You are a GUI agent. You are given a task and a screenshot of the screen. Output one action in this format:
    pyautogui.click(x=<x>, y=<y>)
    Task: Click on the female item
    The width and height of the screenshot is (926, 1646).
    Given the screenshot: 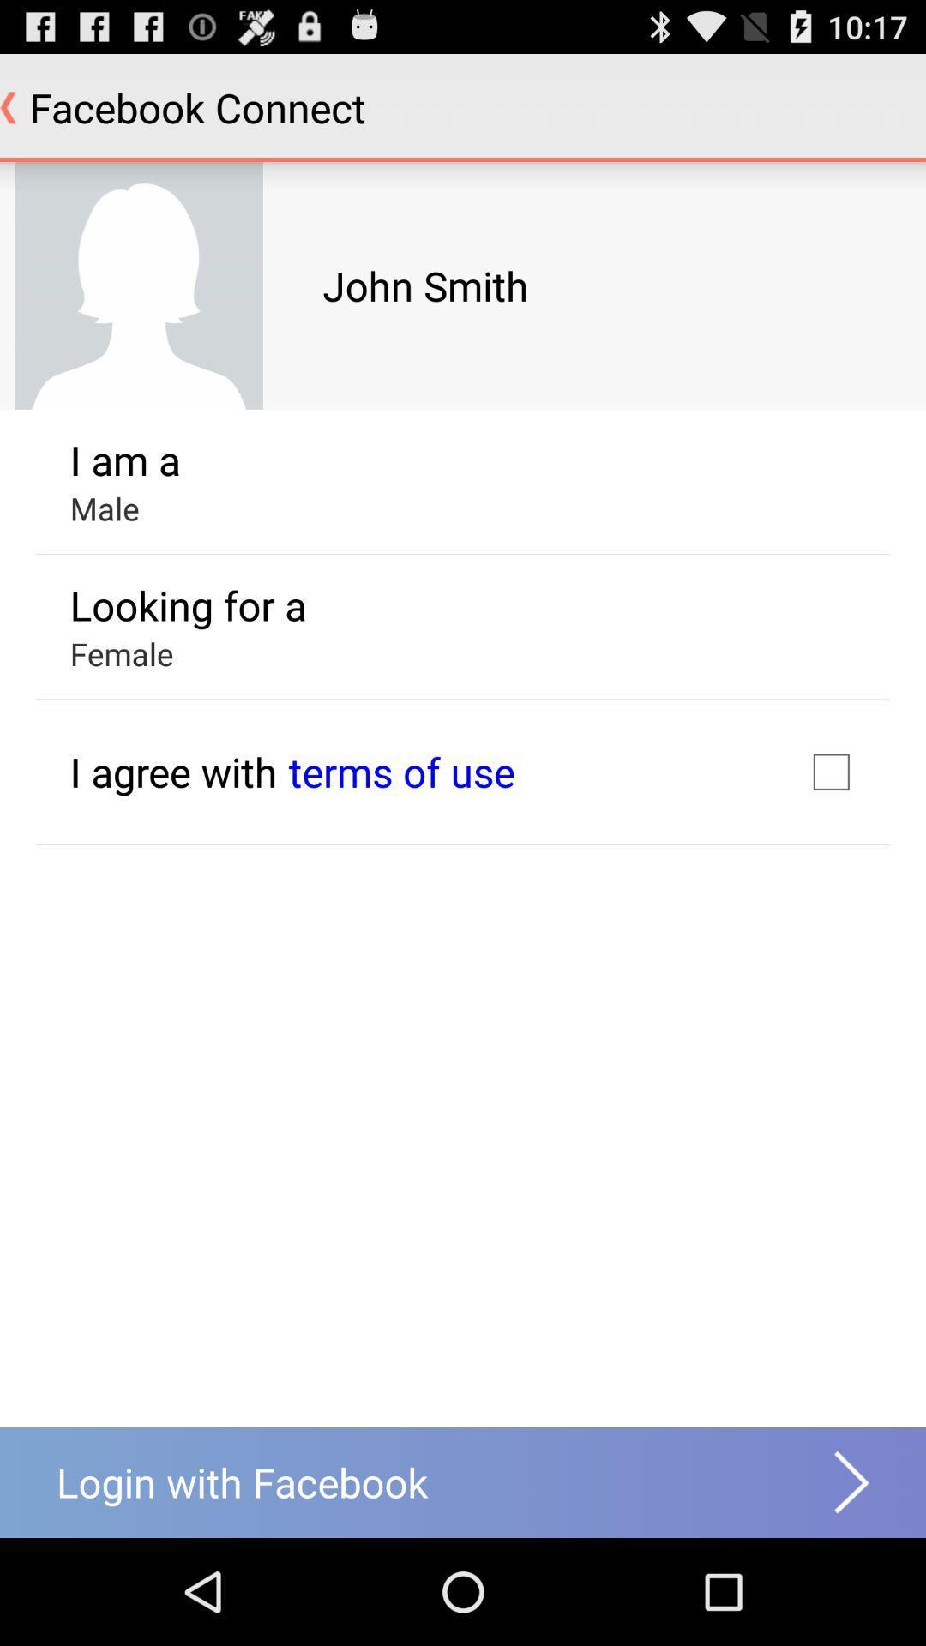 What is the action you would take?
    pyautogui.click(x=121, y=652)
    